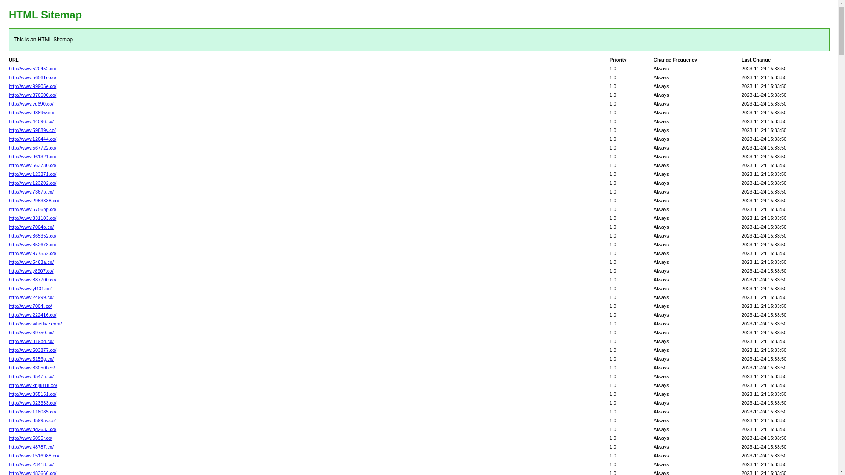  I want to click on 'http://www.023333.co/', so click(32, 402).